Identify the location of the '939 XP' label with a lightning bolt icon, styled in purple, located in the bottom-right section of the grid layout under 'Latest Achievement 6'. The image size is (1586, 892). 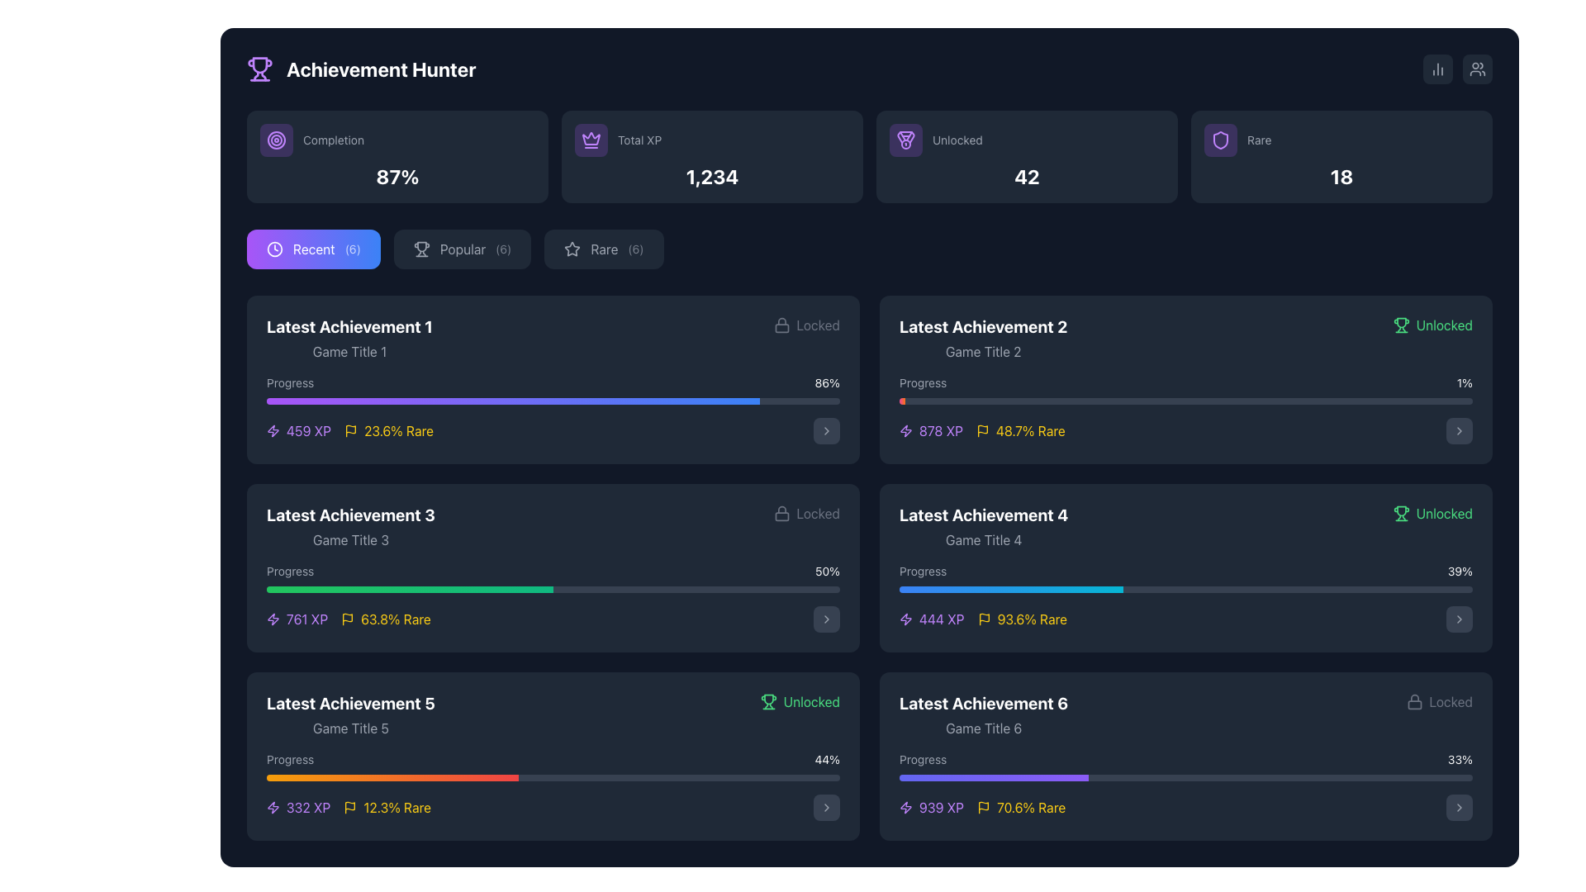
(932, 807).